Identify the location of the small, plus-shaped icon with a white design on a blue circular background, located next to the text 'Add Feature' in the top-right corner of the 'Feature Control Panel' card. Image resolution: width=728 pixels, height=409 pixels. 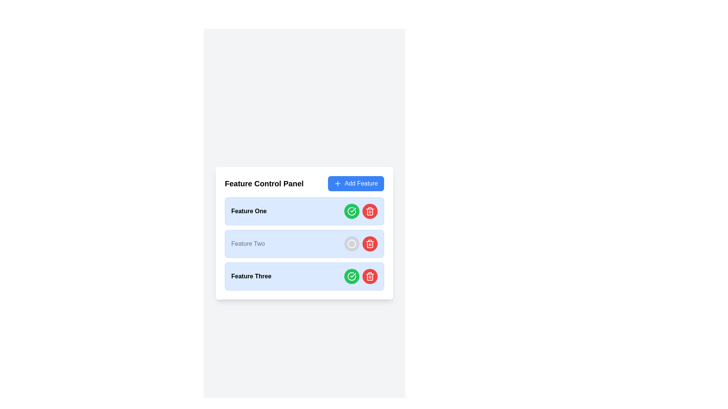
(337, 184).